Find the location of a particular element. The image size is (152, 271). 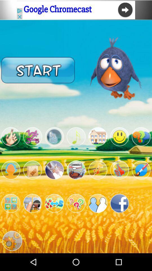

choose mood is located at coordinates (119, 136).